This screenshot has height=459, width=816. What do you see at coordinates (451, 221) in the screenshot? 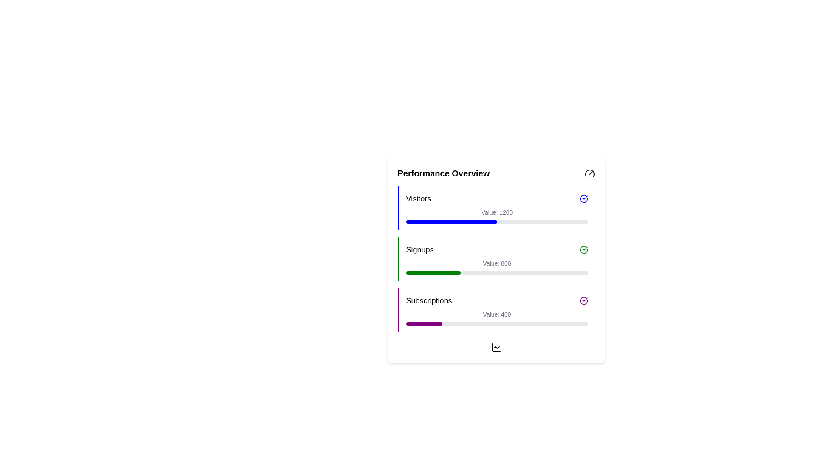
I see `the blue-colored progress bar segment that represents the filled portion of the progress bar under the 'Performance Overview' section, aligned with the 'Visitors' row` at bounding box center [451, 221].